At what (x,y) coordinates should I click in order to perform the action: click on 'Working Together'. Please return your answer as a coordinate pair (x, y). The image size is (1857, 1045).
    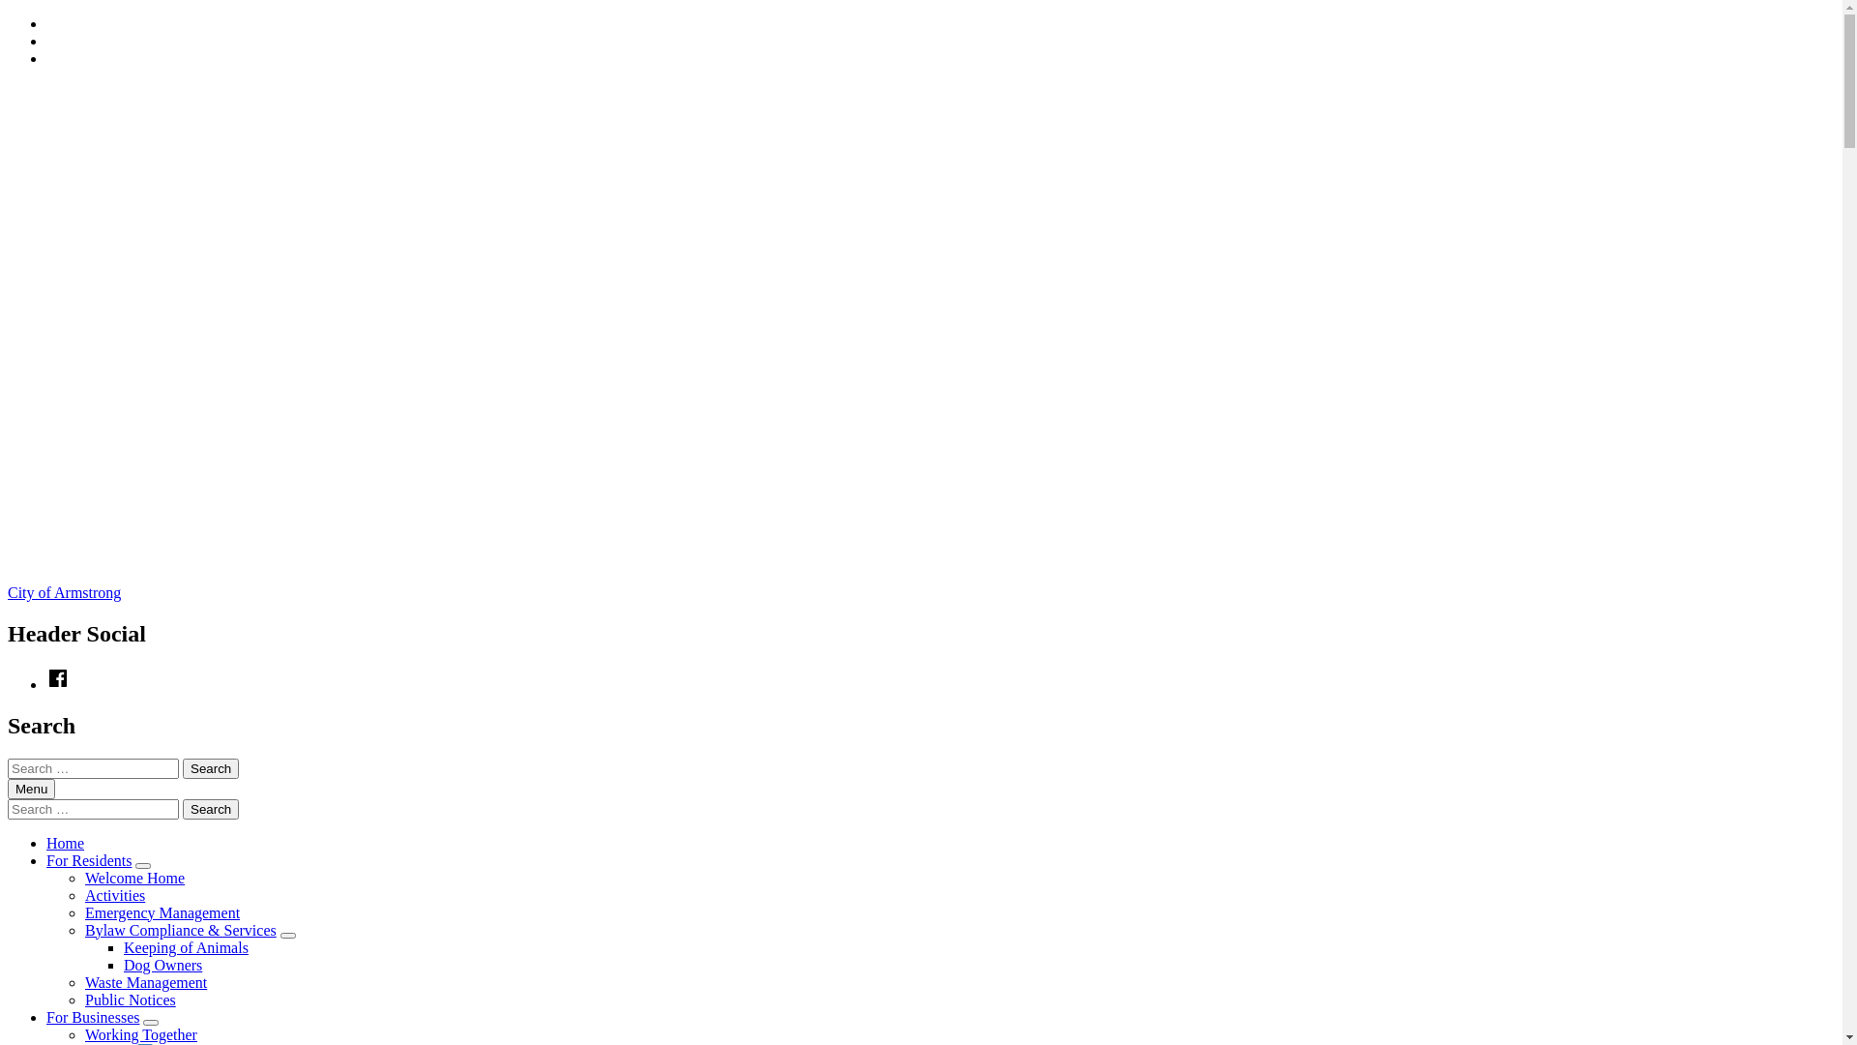
    Looking at the image, I should click on (139, 1033).